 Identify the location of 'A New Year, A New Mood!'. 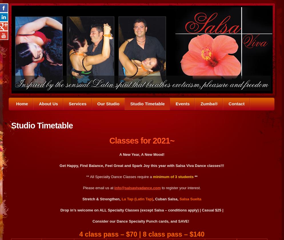
(141, 154).